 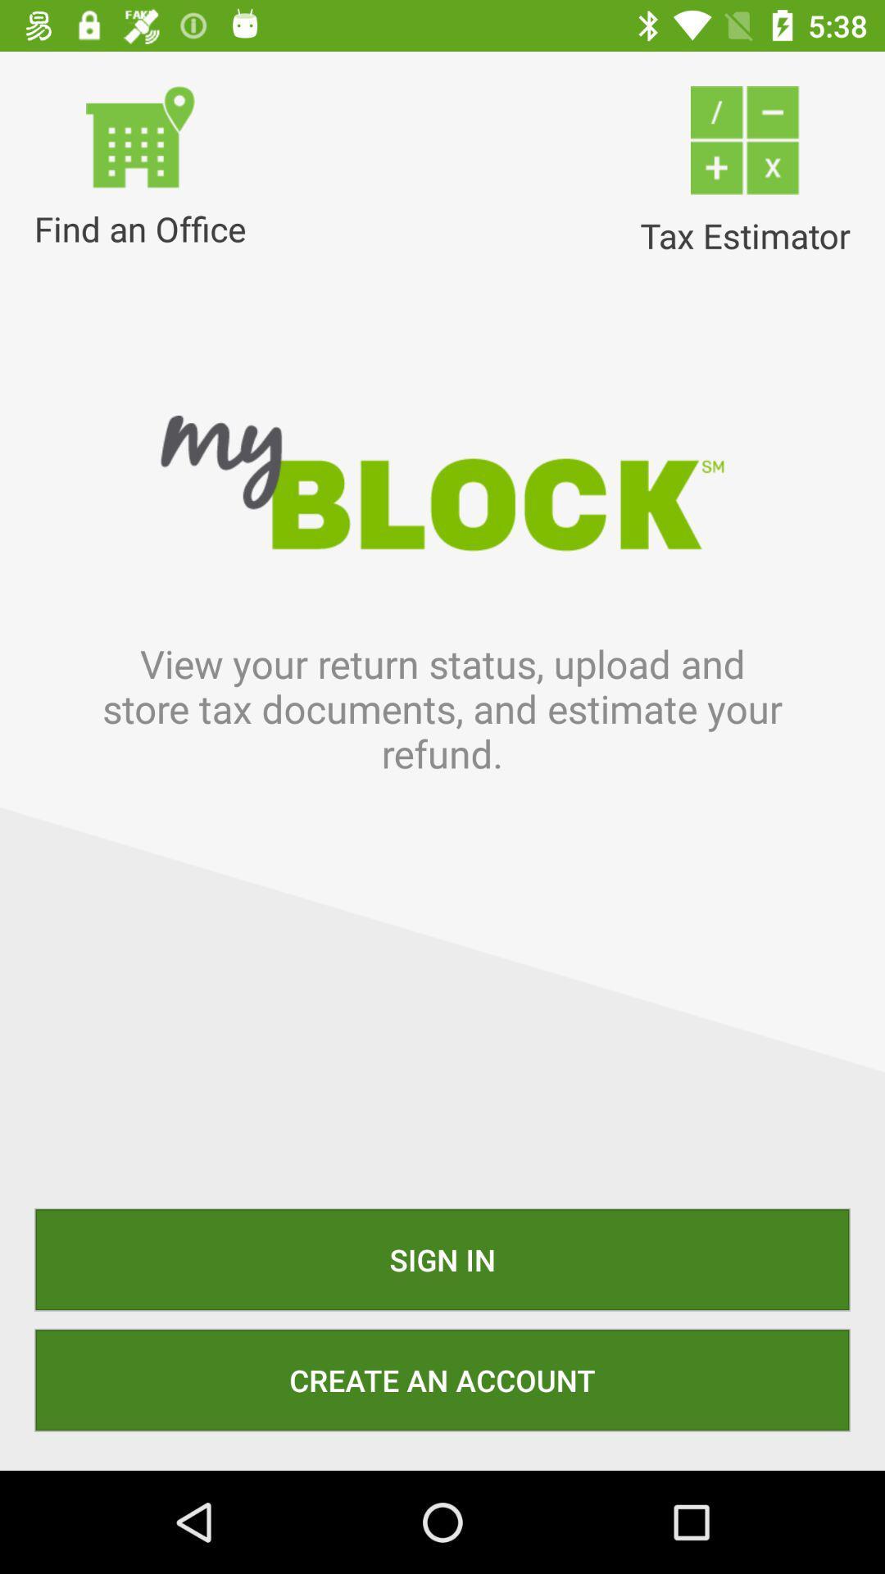 I want to click on create an account, so click(x=442, y=1379).